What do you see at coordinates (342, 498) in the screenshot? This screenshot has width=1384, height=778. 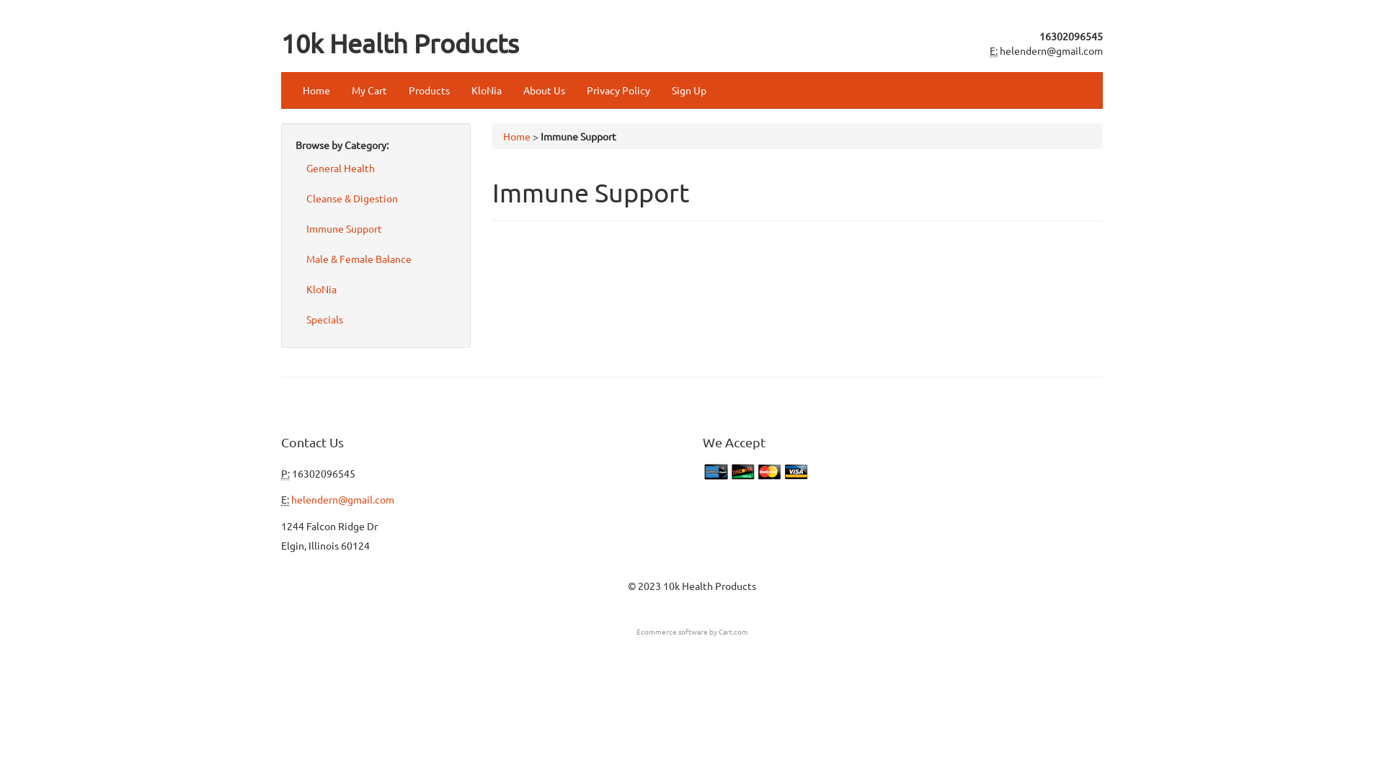 I see `'helendern@gmail.com'` at bounding box center [342, 498].